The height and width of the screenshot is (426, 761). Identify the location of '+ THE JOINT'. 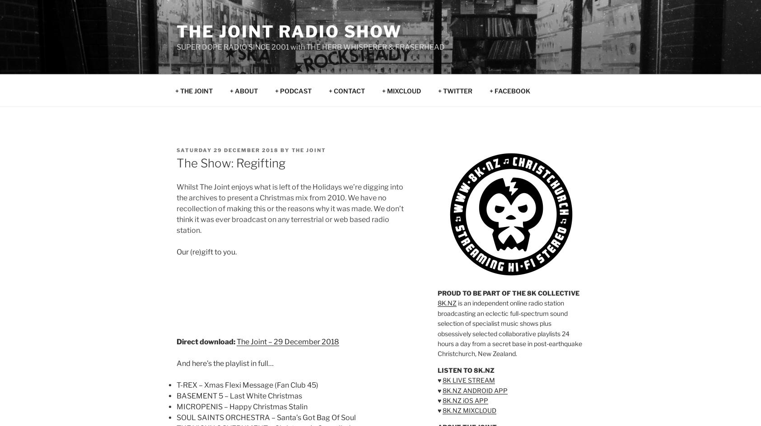
(175, 90).